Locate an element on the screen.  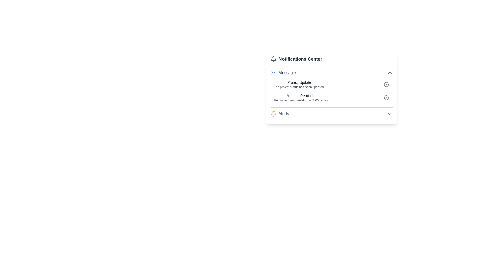
the Chevron icon next to the 'Messages' header is located at coordinates (389, 73).